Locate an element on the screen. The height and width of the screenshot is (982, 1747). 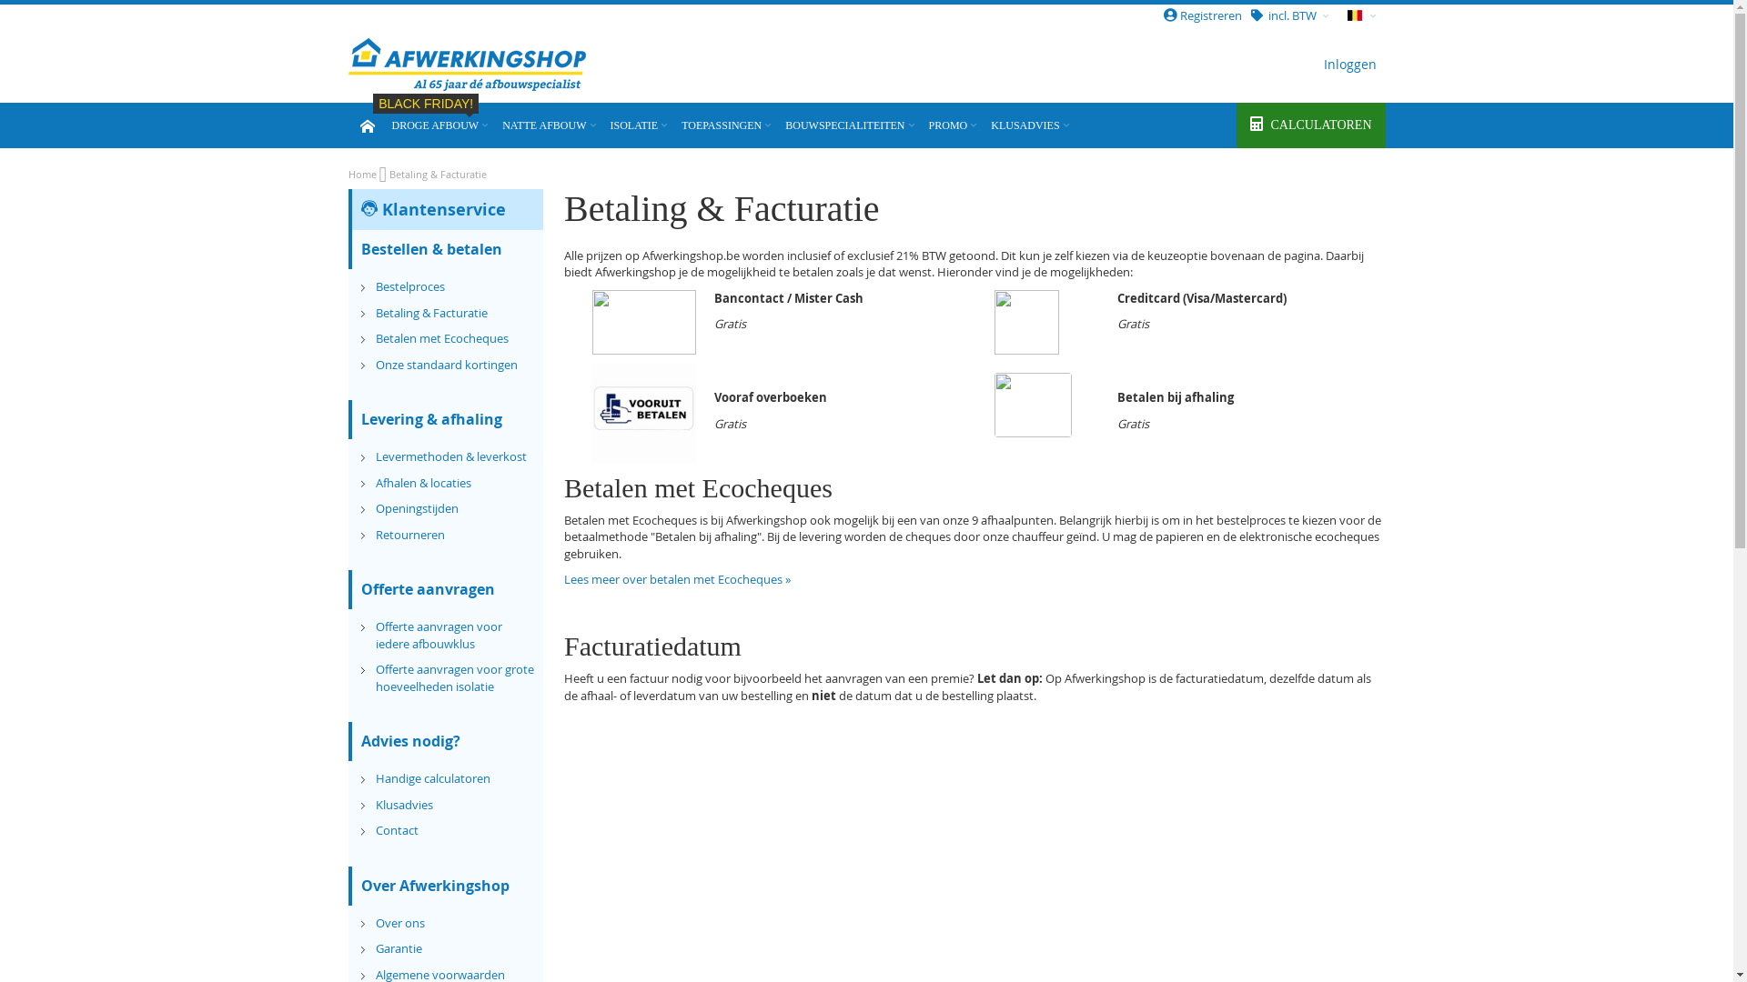
'Offerte aanvragen voor grote hoeveelheden isolatie' is located at coordinates (374, 677).